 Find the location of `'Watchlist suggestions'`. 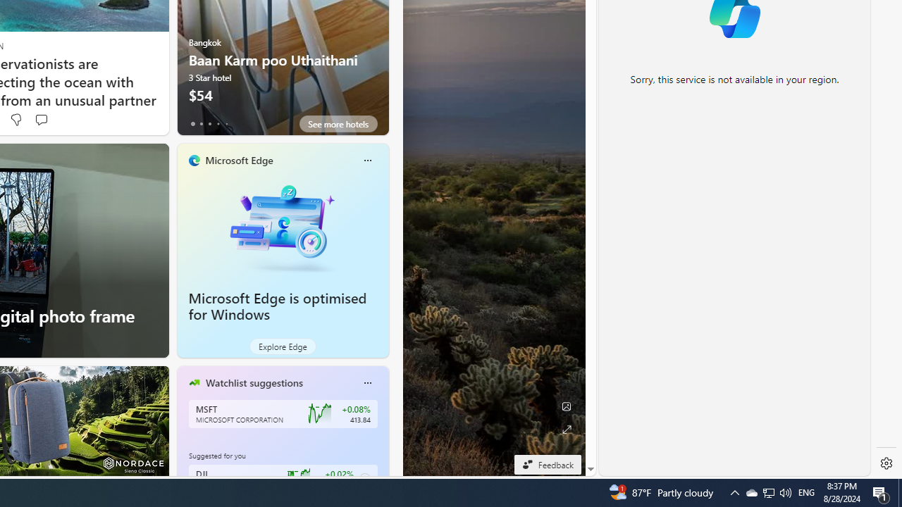

'Watchlist suggestions' is located at coordinates (254, 382).